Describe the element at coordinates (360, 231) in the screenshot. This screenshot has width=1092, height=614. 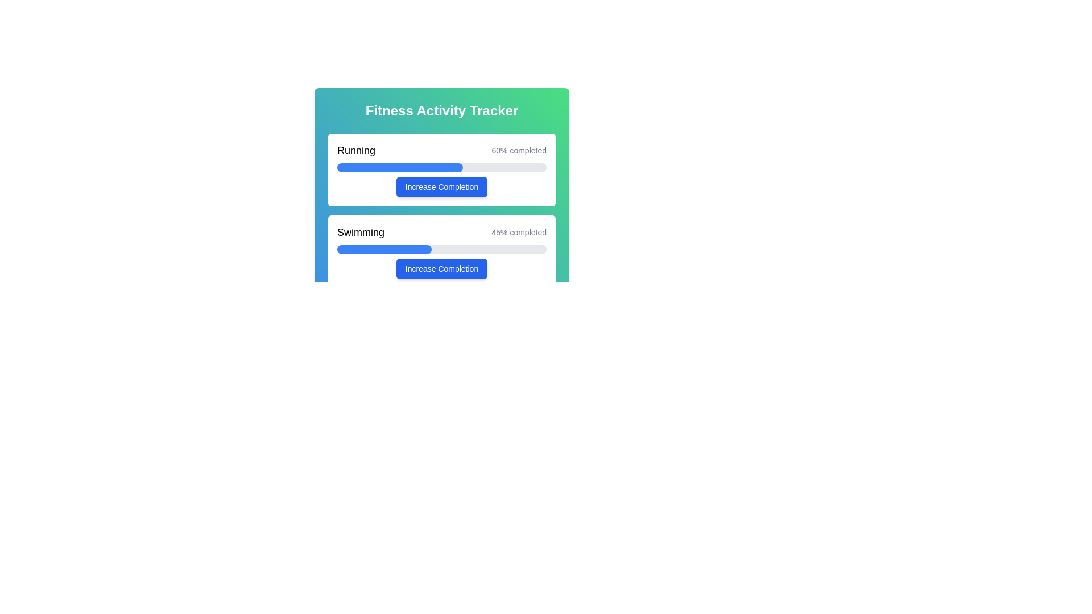
I see `the text label reading 'Swimming' that serves as a category or label` at that location.